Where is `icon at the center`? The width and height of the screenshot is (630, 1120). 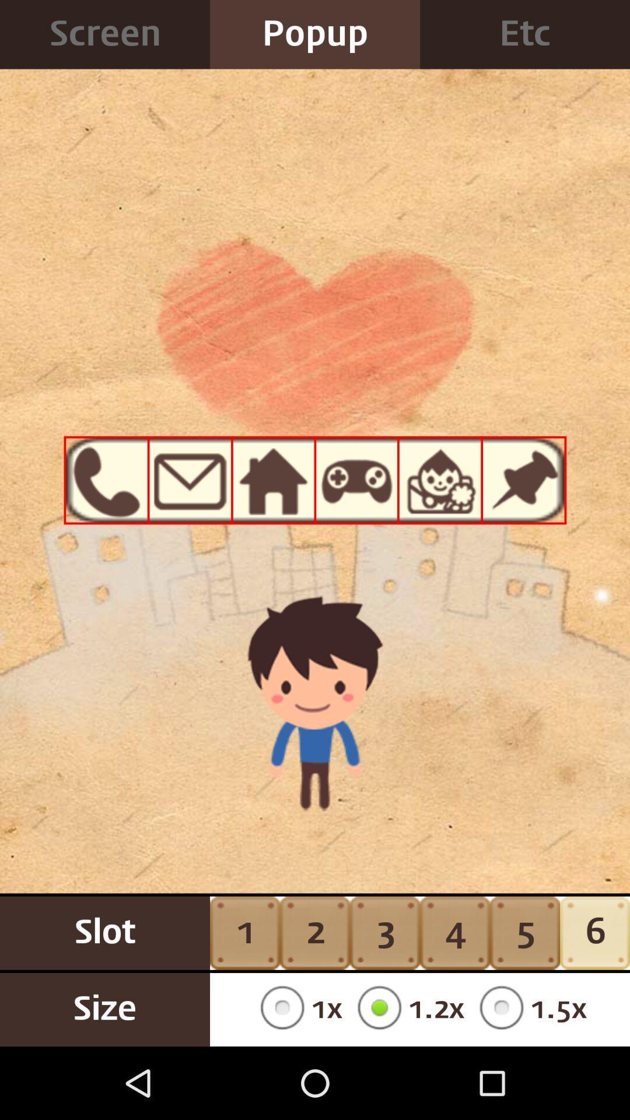 icon at the center is located at coordinates (315, 523).